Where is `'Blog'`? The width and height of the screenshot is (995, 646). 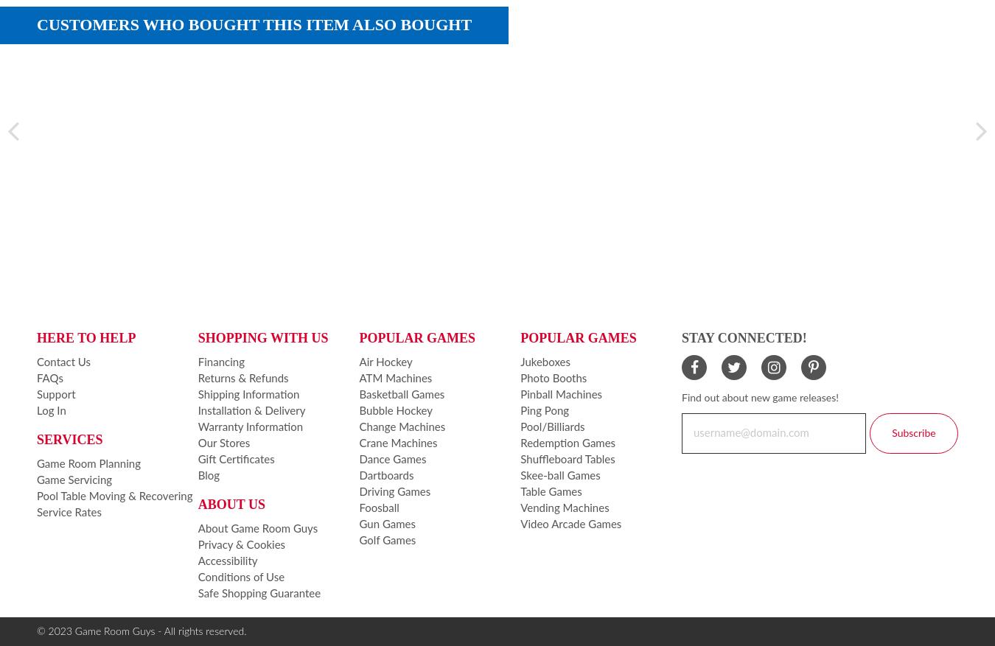
'Blog' is located at coordinates (196, 475).